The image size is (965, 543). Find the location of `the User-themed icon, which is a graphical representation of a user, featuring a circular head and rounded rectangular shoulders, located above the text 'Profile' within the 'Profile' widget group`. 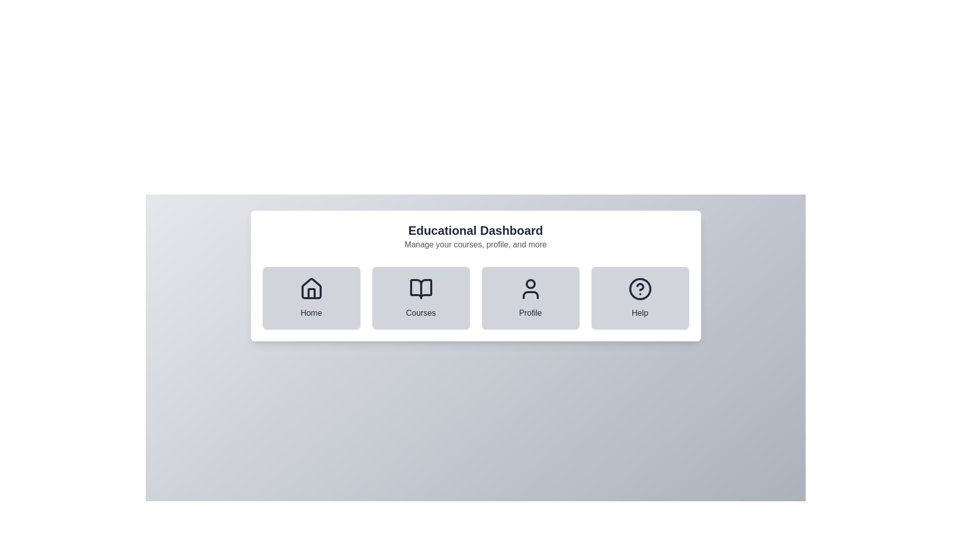

the User-themed icon, which is a graphical representation of a user, featuring a circular head and rounded rectangular shoulders, located above the text 'Profile' within the 'Profile' widget group is located at coordinates (530, 289).